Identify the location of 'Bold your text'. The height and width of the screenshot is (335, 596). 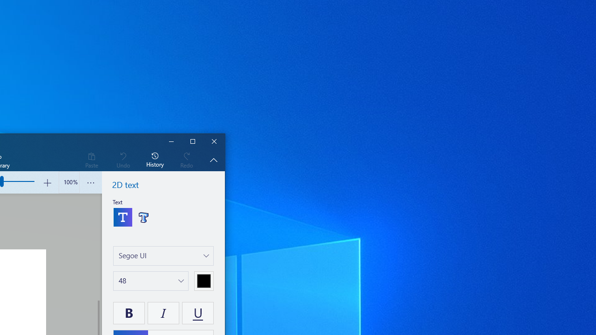
(129, 313).